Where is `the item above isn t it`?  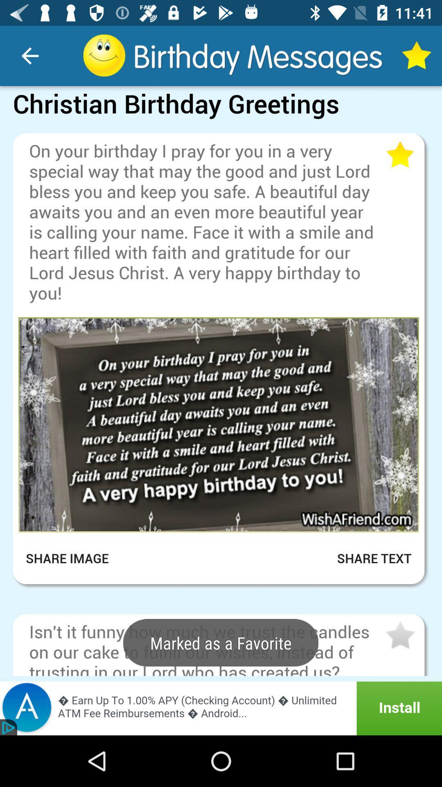 the item above isn t it is located at coordinates (221, 607).